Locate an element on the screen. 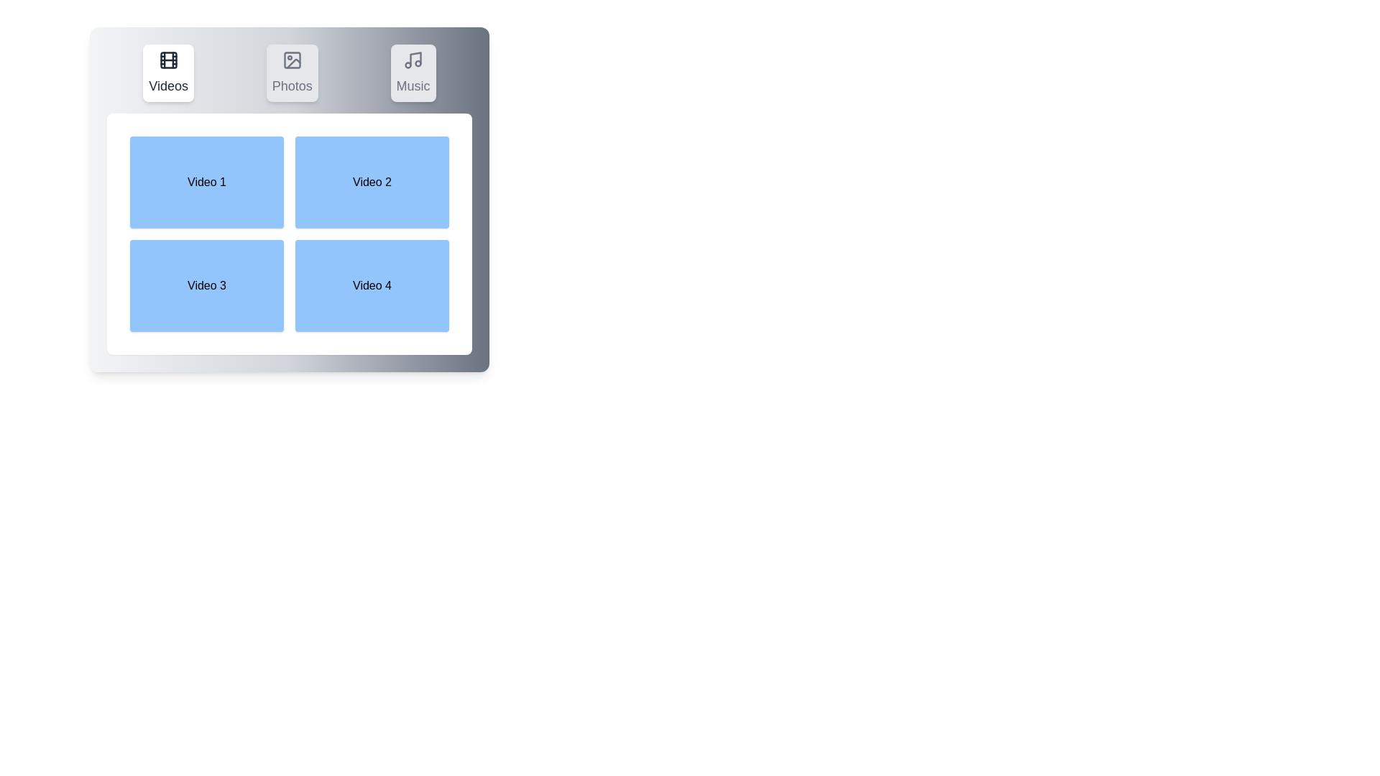 Image resolution: width=1380 pixels, height=776 pixels. the video box labeled Video 1 is located at coordinates (206, 182).